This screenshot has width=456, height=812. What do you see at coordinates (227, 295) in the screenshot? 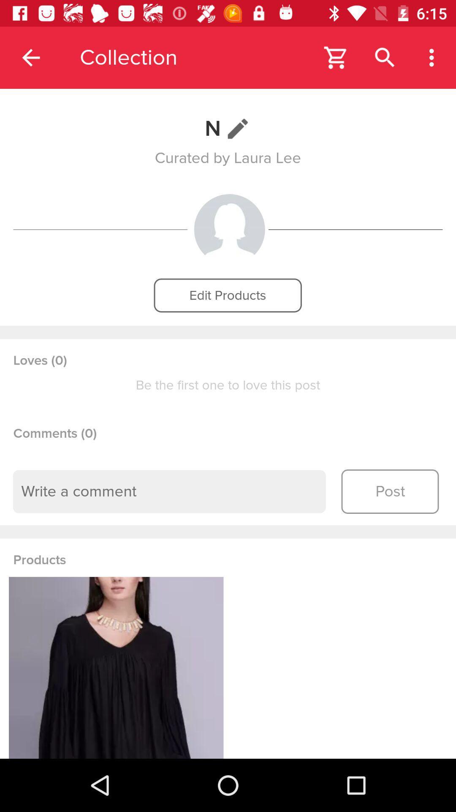
I see `the edit products icon` at bounding box center [227, 295].